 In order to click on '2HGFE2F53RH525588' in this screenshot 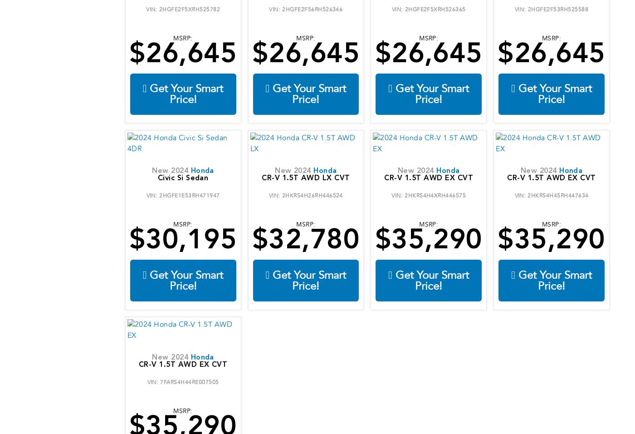, I will do `click(558, 8)`.